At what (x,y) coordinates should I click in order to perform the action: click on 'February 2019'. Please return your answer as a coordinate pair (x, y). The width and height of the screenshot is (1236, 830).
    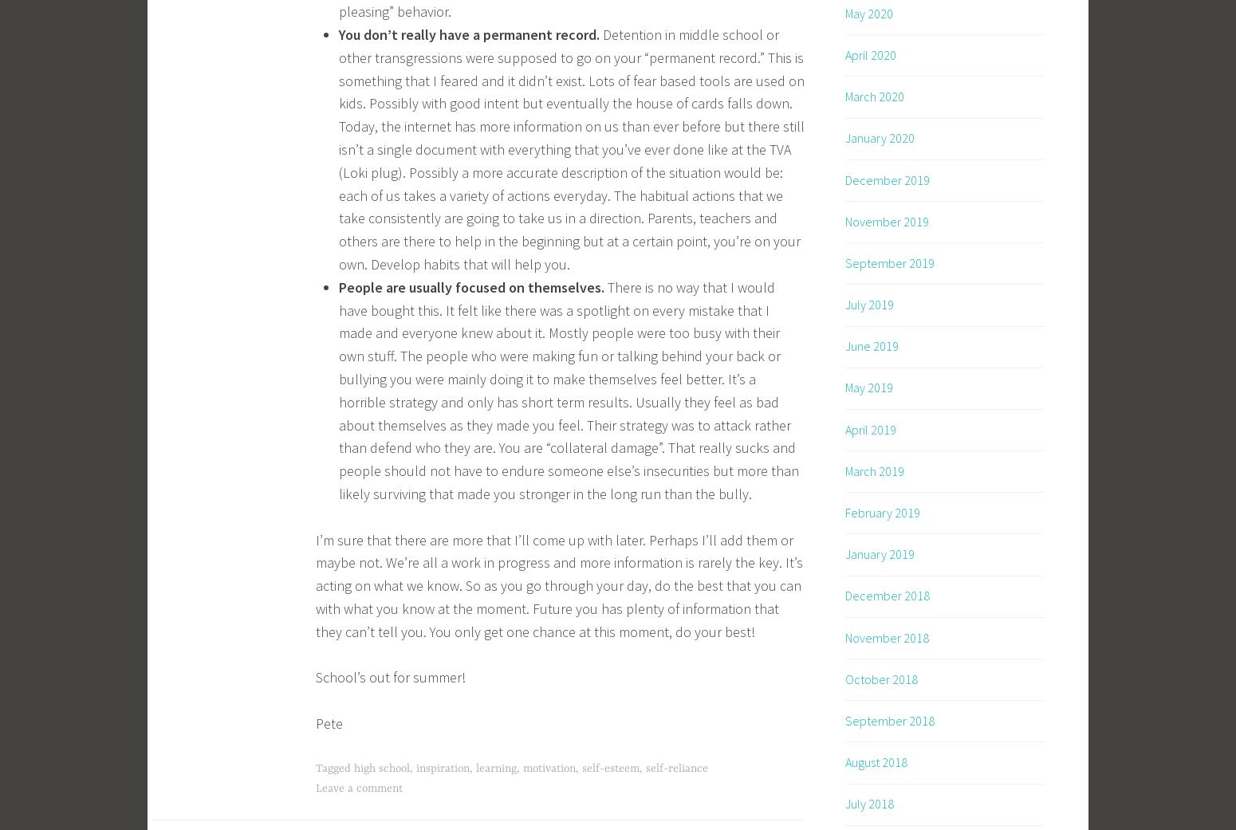
    Looking at the image, I should click on (882, 512).